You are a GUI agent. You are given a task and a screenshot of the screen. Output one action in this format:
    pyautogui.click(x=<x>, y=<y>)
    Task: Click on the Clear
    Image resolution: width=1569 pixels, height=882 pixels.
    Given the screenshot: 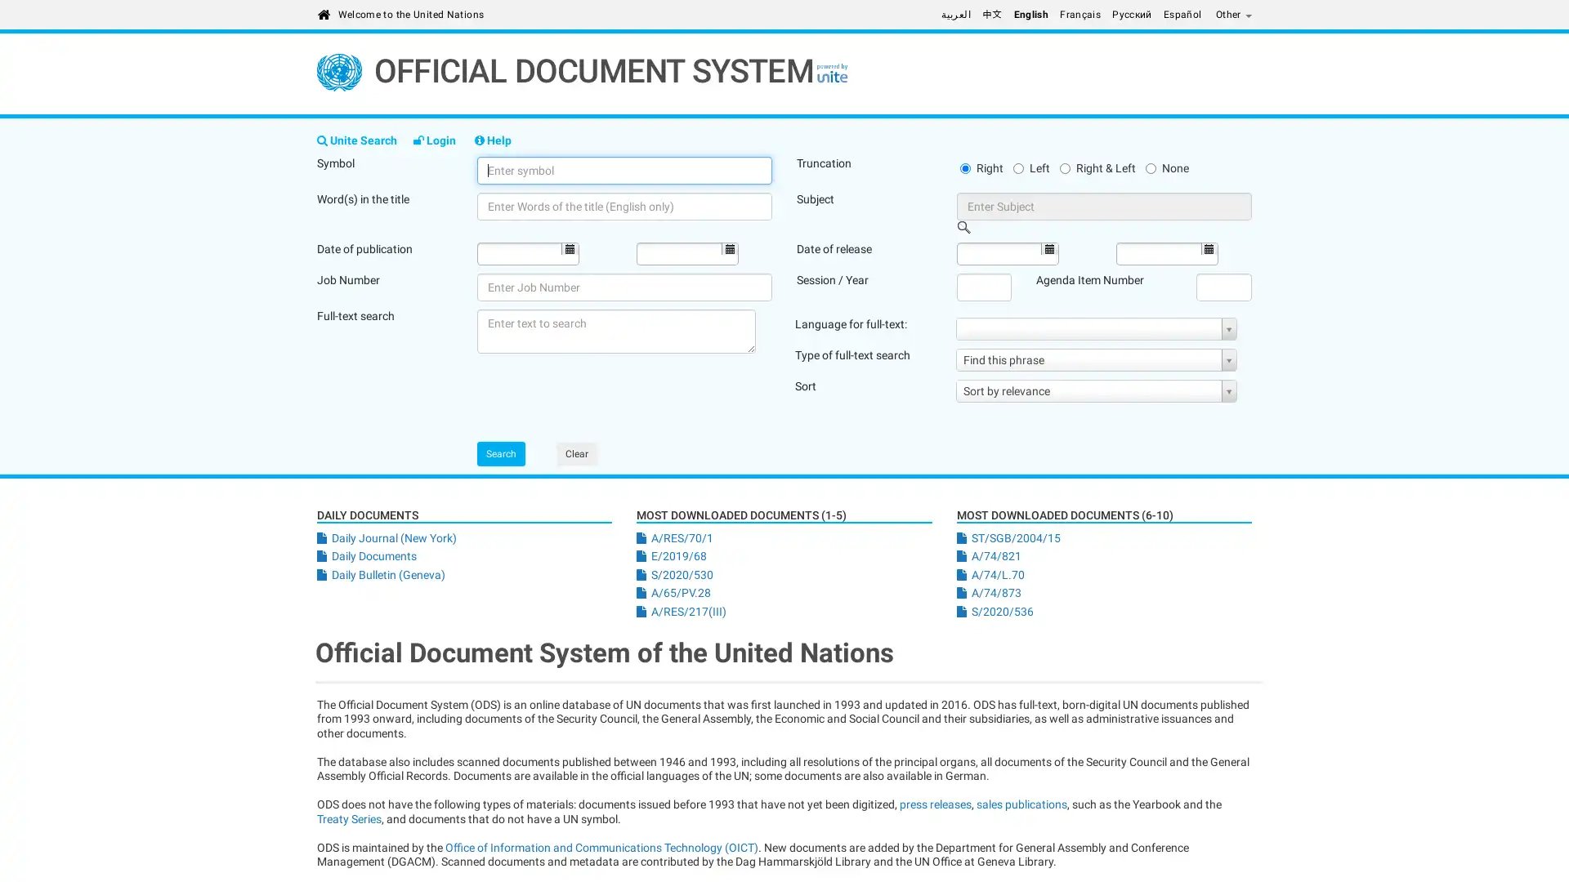 What is the action you would take?
    pyautogui.click(x=576, y=453)
    